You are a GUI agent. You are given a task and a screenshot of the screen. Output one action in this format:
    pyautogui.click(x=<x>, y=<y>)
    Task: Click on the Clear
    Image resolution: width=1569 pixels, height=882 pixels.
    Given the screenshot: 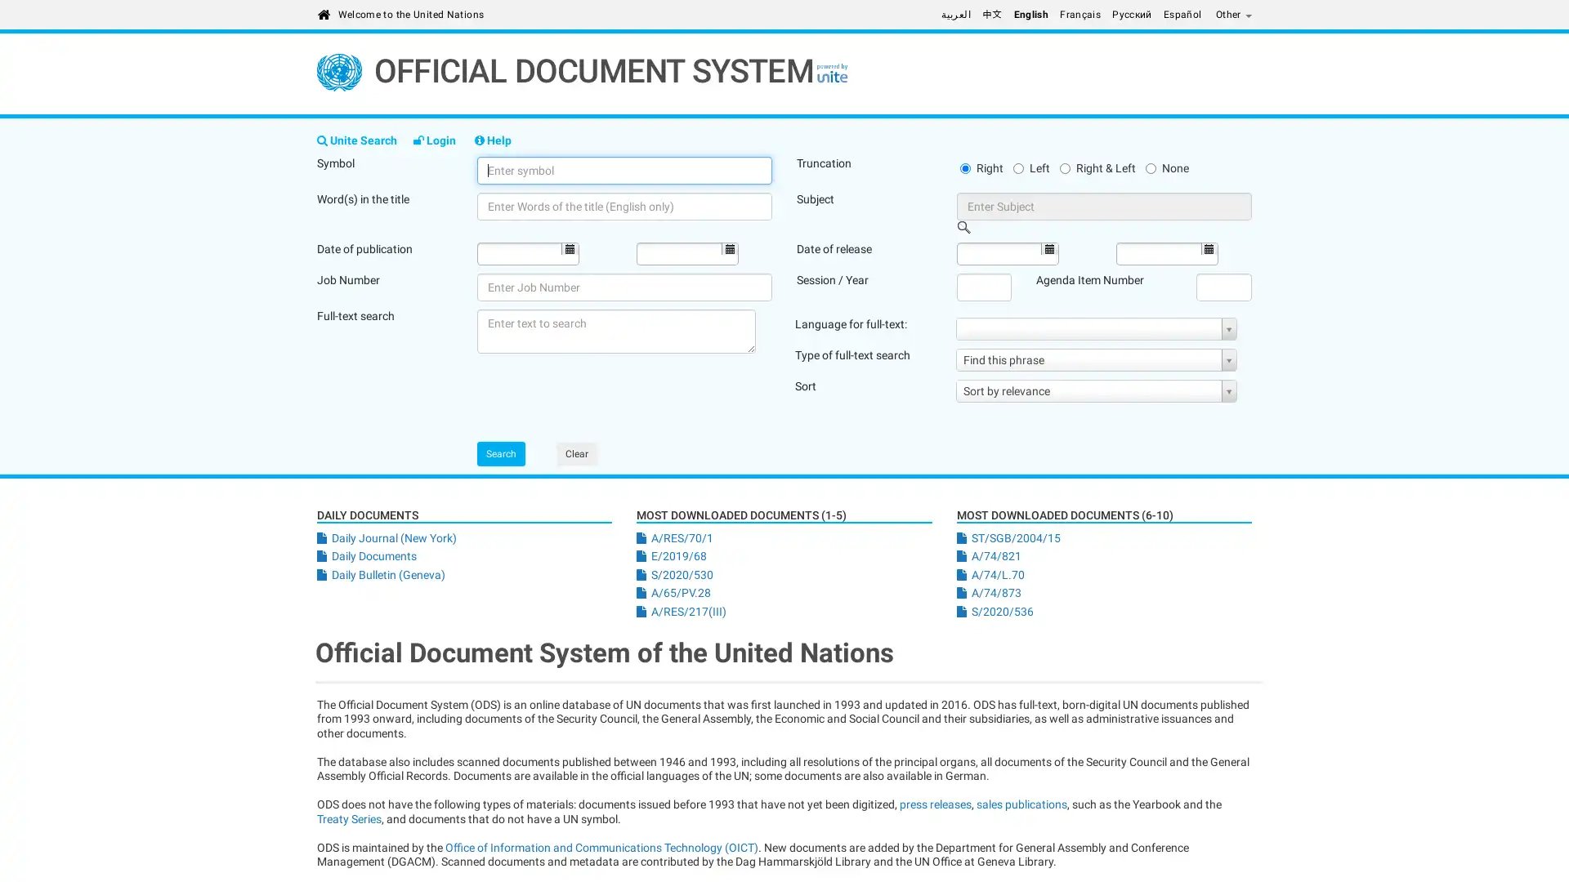 What is the action you would take?
    pyautogui.click(x=576, y=453)
    